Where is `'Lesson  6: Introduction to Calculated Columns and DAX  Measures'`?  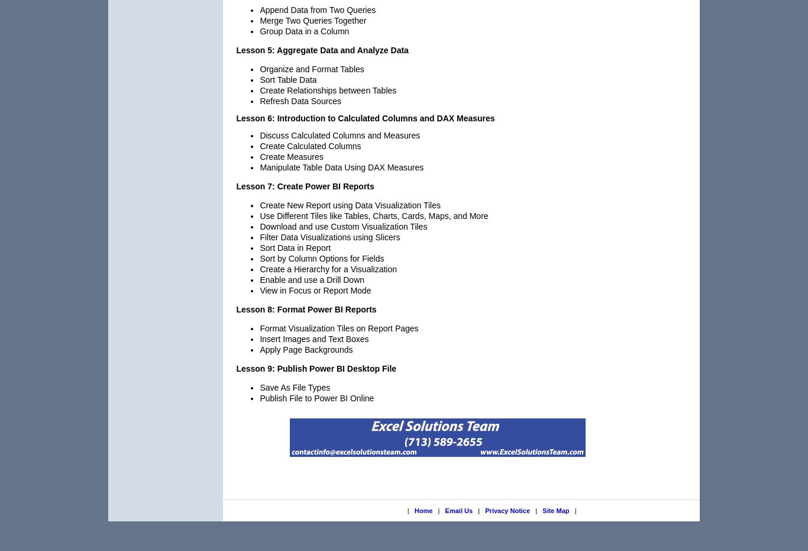 'Lesson  6: Introduction to Calculated Columns and DAX  Measures' is located at coordinates (364, 117).